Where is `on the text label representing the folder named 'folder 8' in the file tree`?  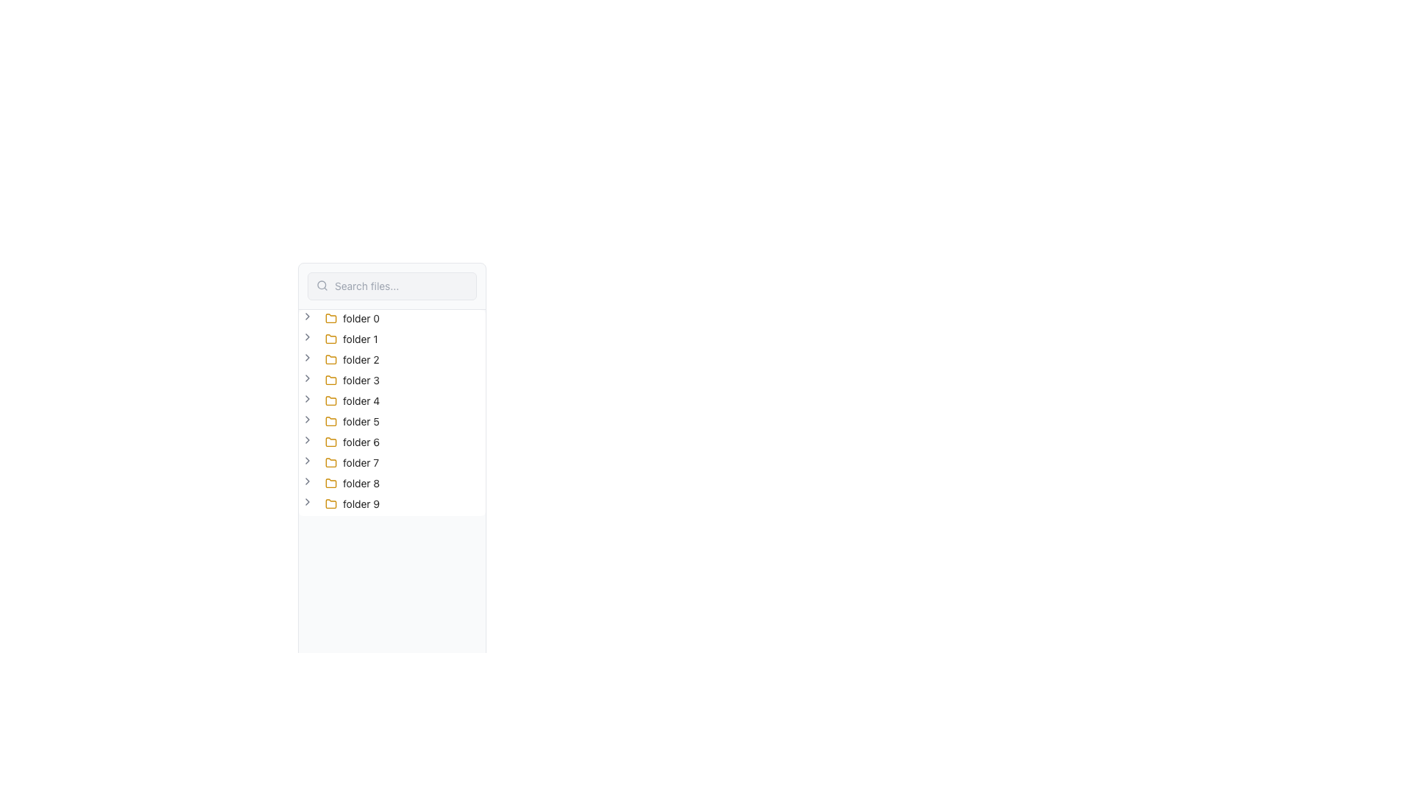 on the text label representing the folder named 'folder 8' in the file tree is located at coordinates (352, 483).